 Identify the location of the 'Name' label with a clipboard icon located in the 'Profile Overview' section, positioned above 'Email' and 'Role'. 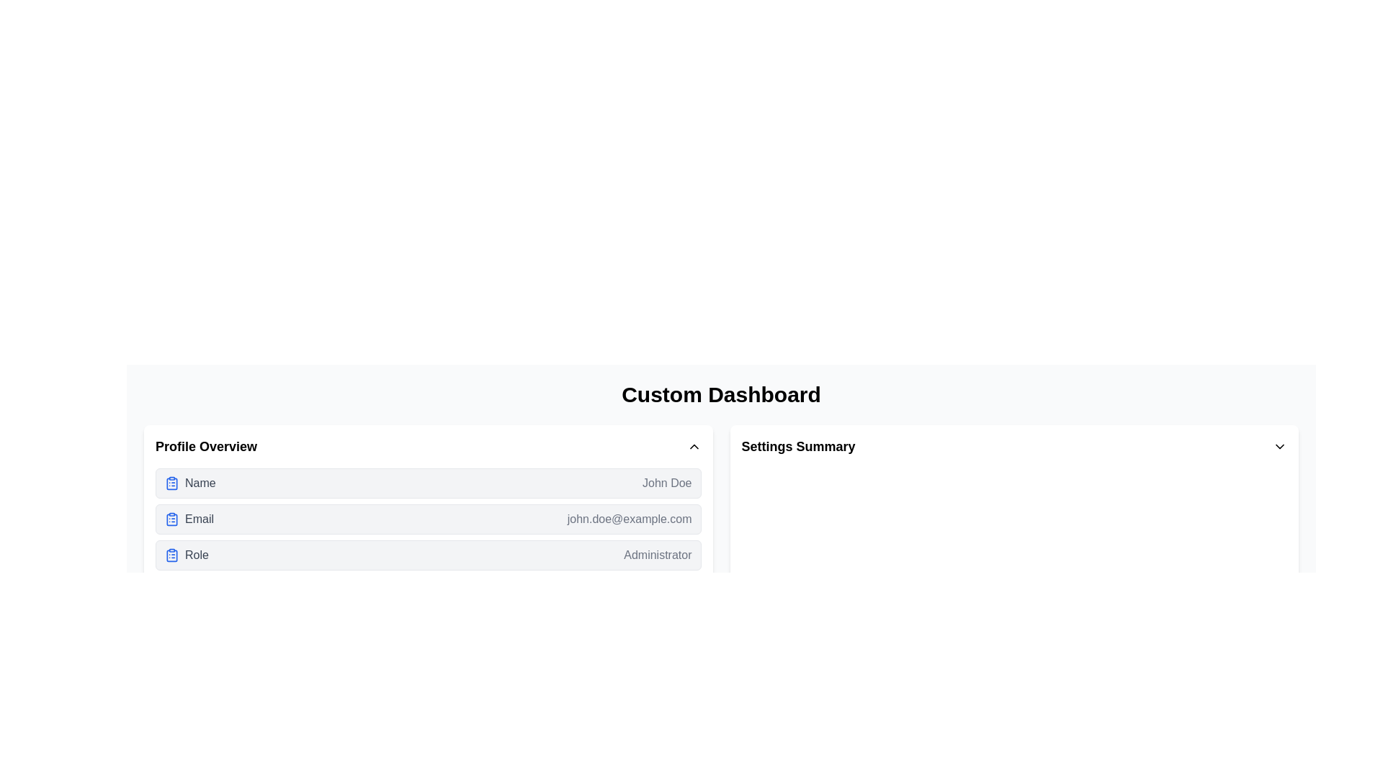
(189, 483).